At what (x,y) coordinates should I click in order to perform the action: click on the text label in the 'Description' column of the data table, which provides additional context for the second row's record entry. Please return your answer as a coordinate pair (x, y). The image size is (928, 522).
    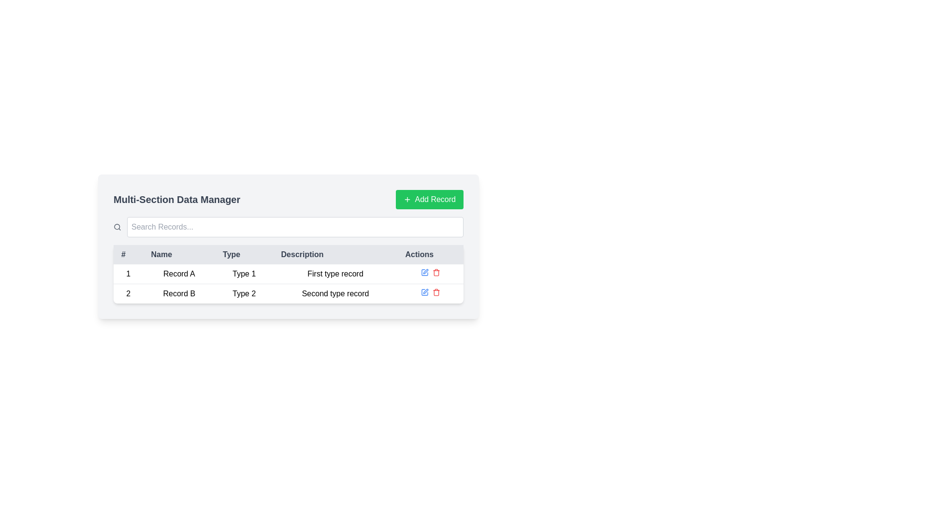
    Looking at the image, I should click on (335, 293).